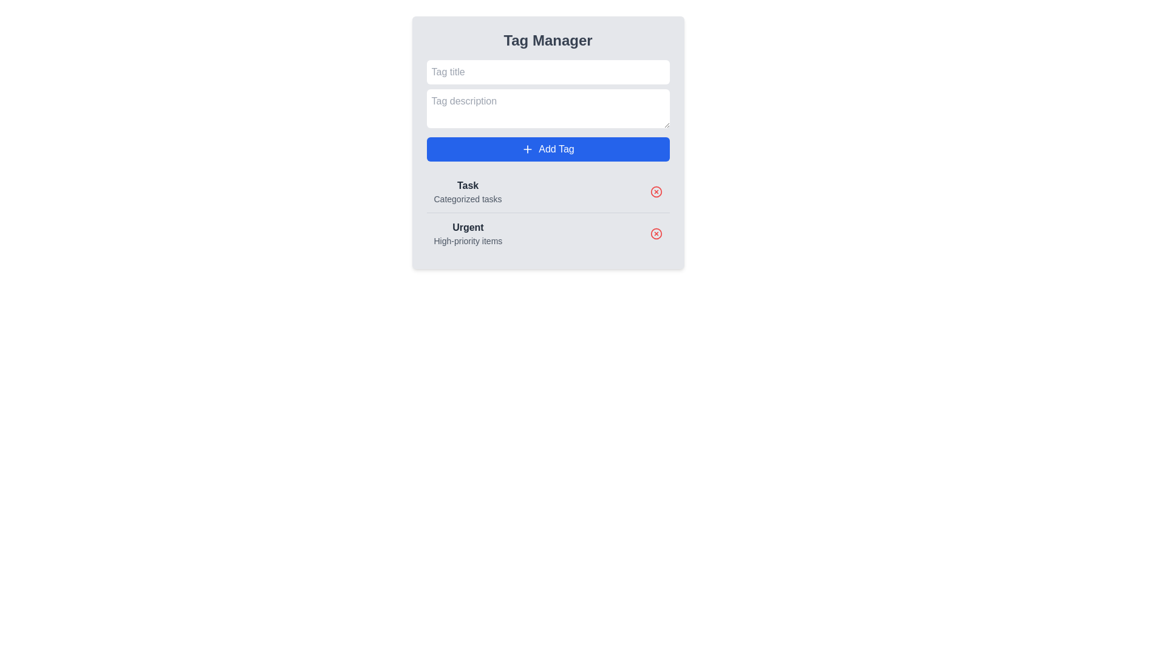  What do you see at coordinates (467, 185) in the screenshot?
I see `the static text element displaying 'Task' in bold, located in the 'Tag Manager' section, positioned above 'Categorized tasks'` at bounding box center [467, 185].